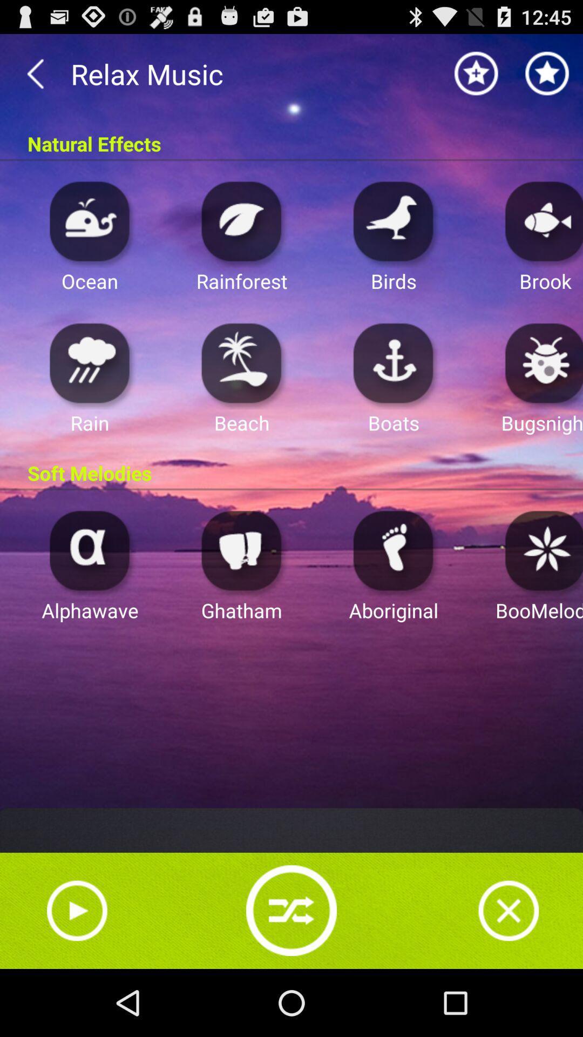 The height and width of the screenshot is (1037, 583). Describe the element at coordinates (509, 910) in the screenshot. I see `stop` at that location.